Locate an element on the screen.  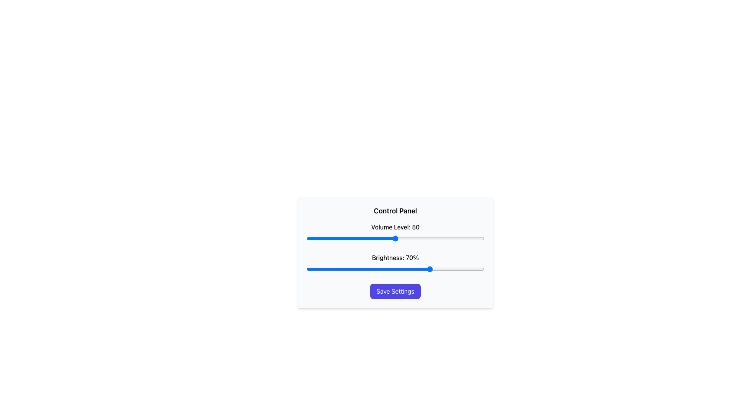
brightness level is located at coordinates (471, 269).